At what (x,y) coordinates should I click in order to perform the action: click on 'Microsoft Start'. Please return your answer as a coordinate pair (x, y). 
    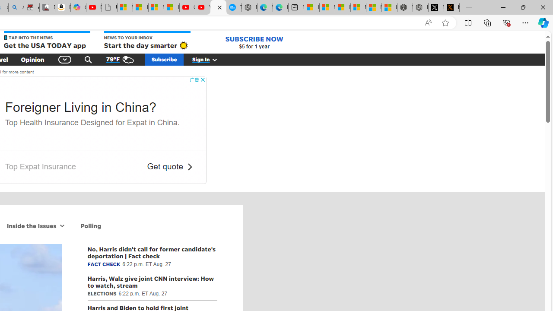
    Looking at the image, I should click on (374, 7).